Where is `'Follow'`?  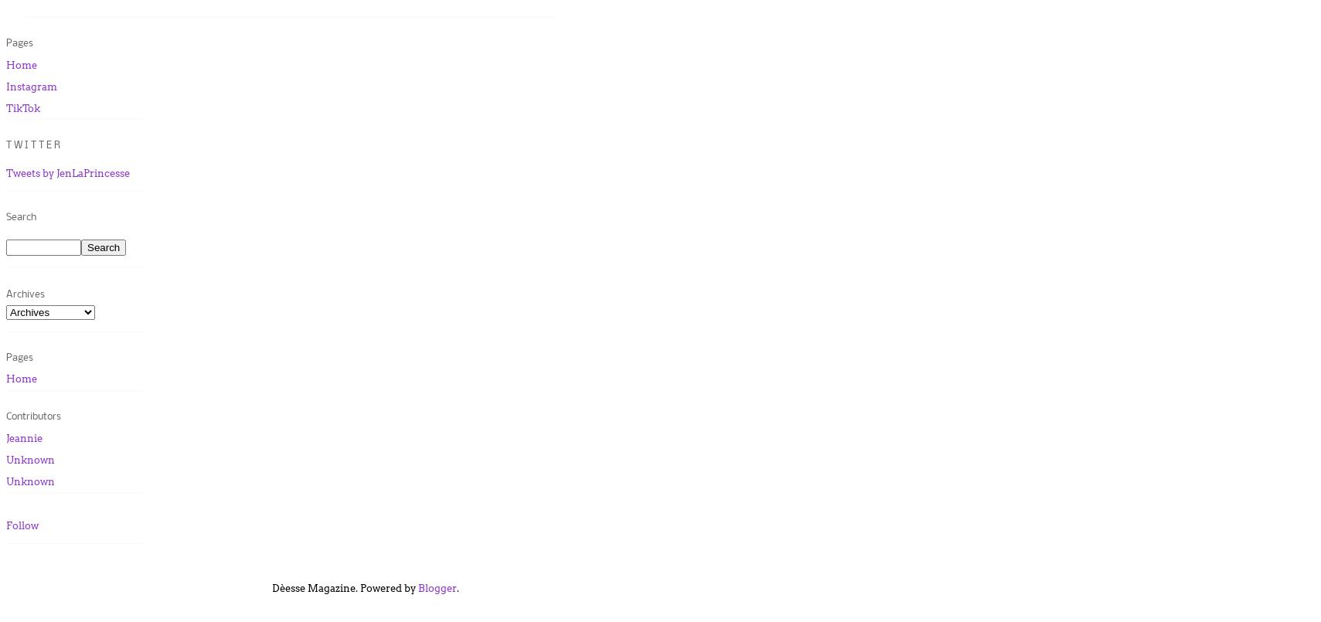 'Follow' is located at coordinates (22, 525).